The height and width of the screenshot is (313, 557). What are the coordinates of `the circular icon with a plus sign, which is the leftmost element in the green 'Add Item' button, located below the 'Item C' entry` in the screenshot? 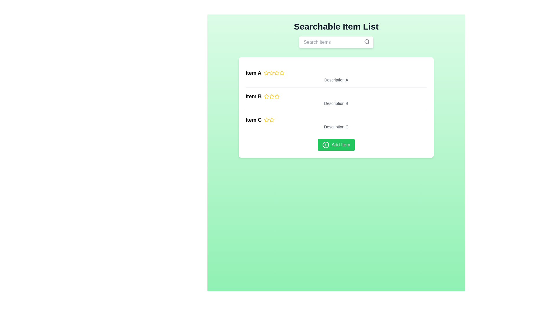 It's located at (326, 145).